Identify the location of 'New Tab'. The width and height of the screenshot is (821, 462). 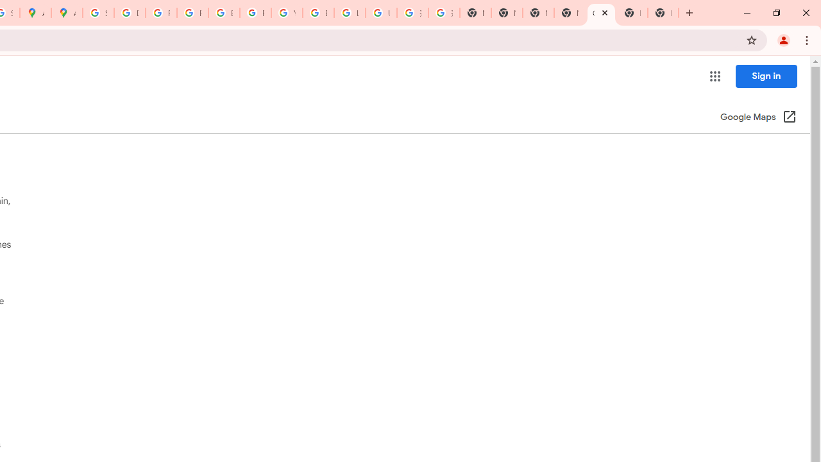
(663, 13).